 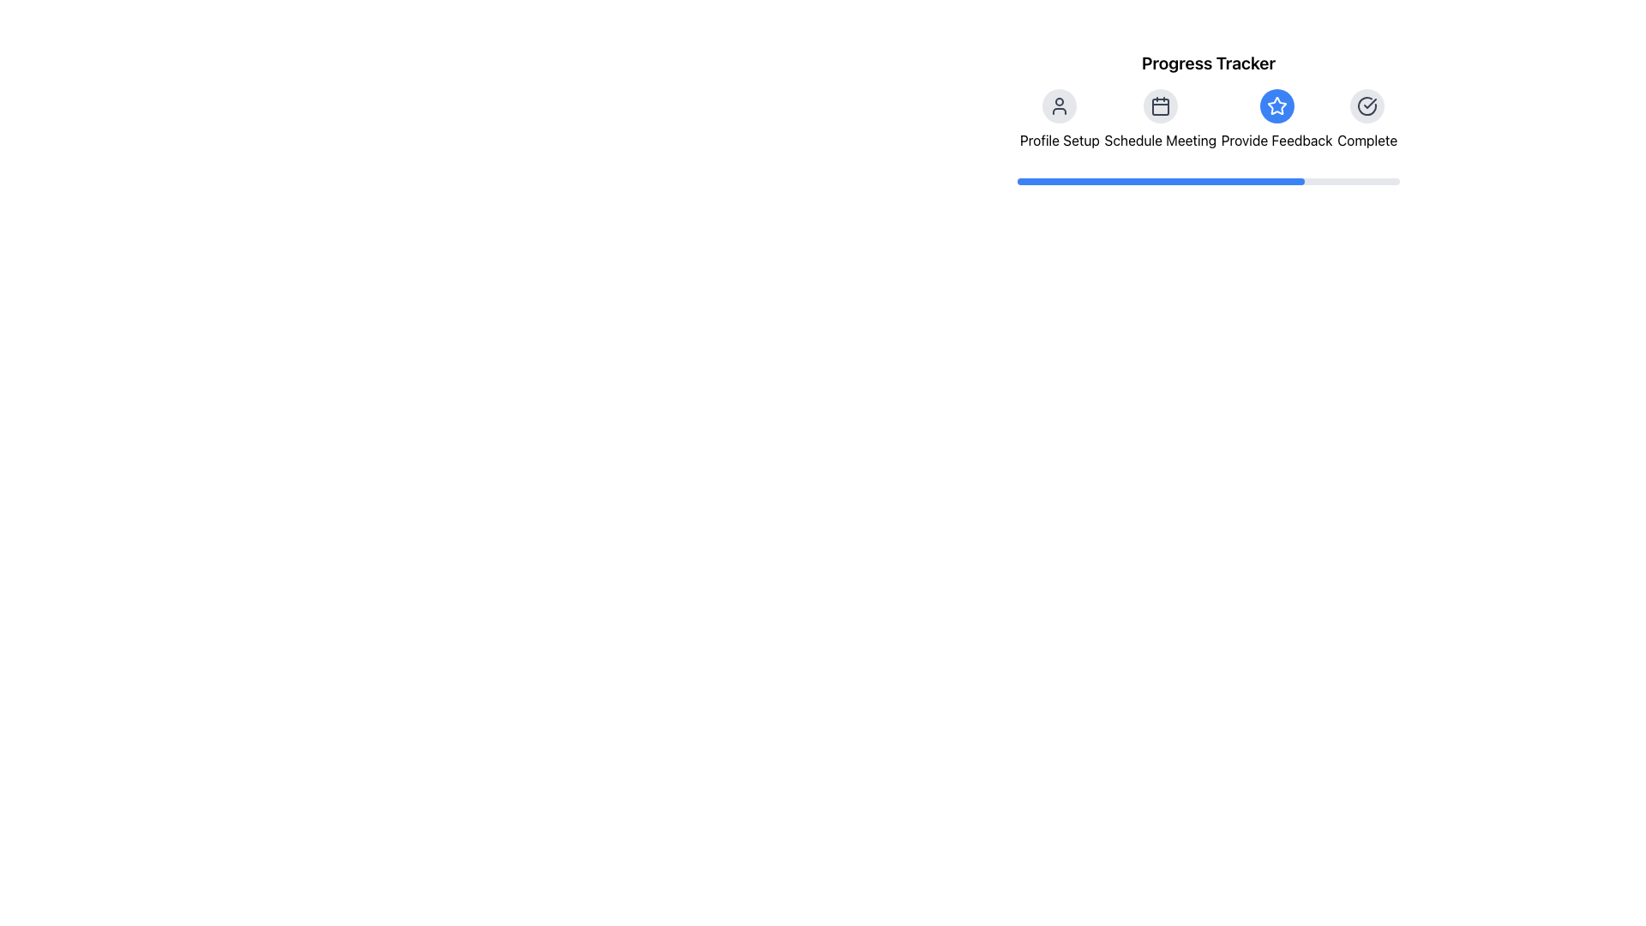 What do you see at coordinates (1367, 140) in the screenshot?
I see `the static text label displaying 'Complete' that is positioned below a circular checkmark icon, indicating task completion` at bounding box center [1367, 140].